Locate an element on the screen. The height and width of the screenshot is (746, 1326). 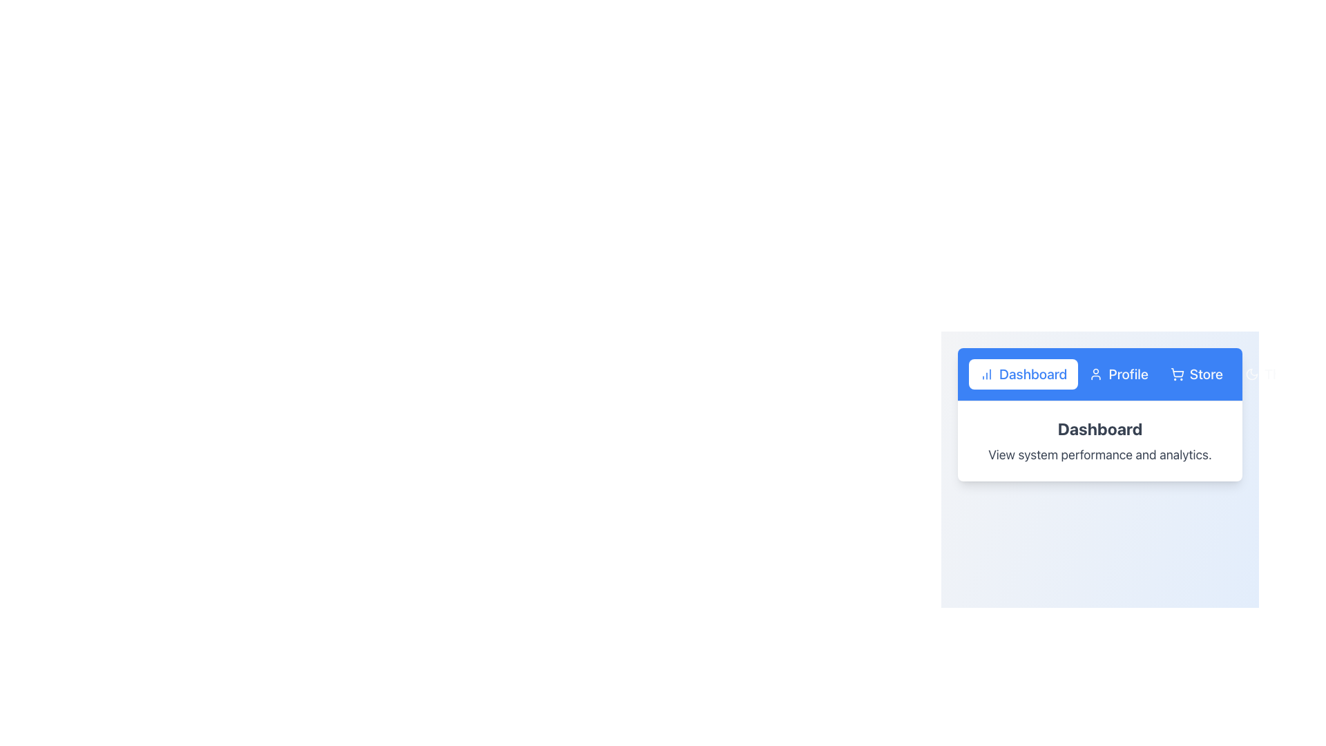
the third navigation button labeled 'Store' in the horizontal navigation bar is located at coordinates (1195, 374).